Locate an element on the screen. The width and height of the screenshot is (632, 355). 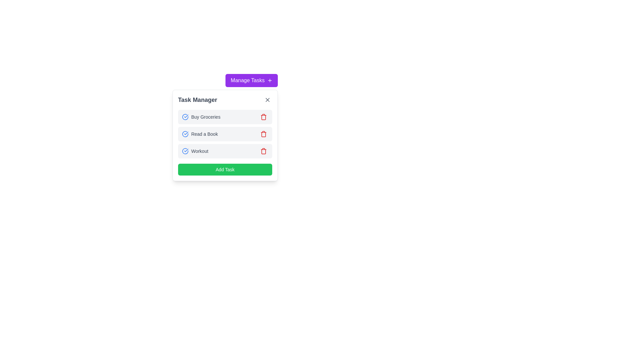
the circular close button with a gray background and an 'X' icon located at the top-right corner of the 'Task Manager' header to trigger the hover effects is located at coordinates (267, 100).